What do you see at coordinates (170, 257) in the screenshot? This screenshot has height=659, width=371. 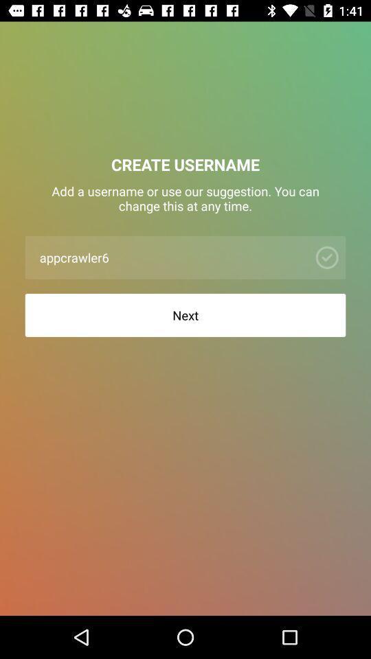 I see `the app below the add a username` at bounding box center [170, 257].